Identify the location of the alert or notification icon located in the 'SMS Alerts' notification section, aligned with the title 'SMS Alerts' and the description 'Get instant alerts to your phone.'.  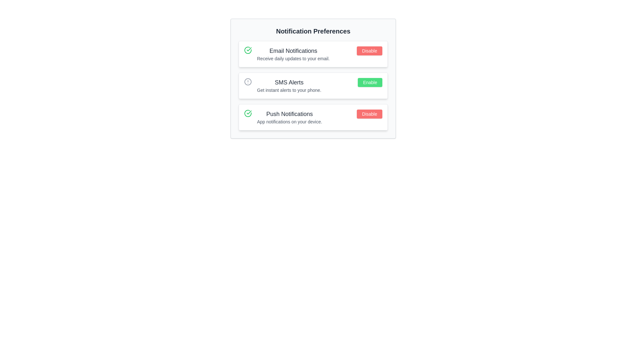
(248, 82).